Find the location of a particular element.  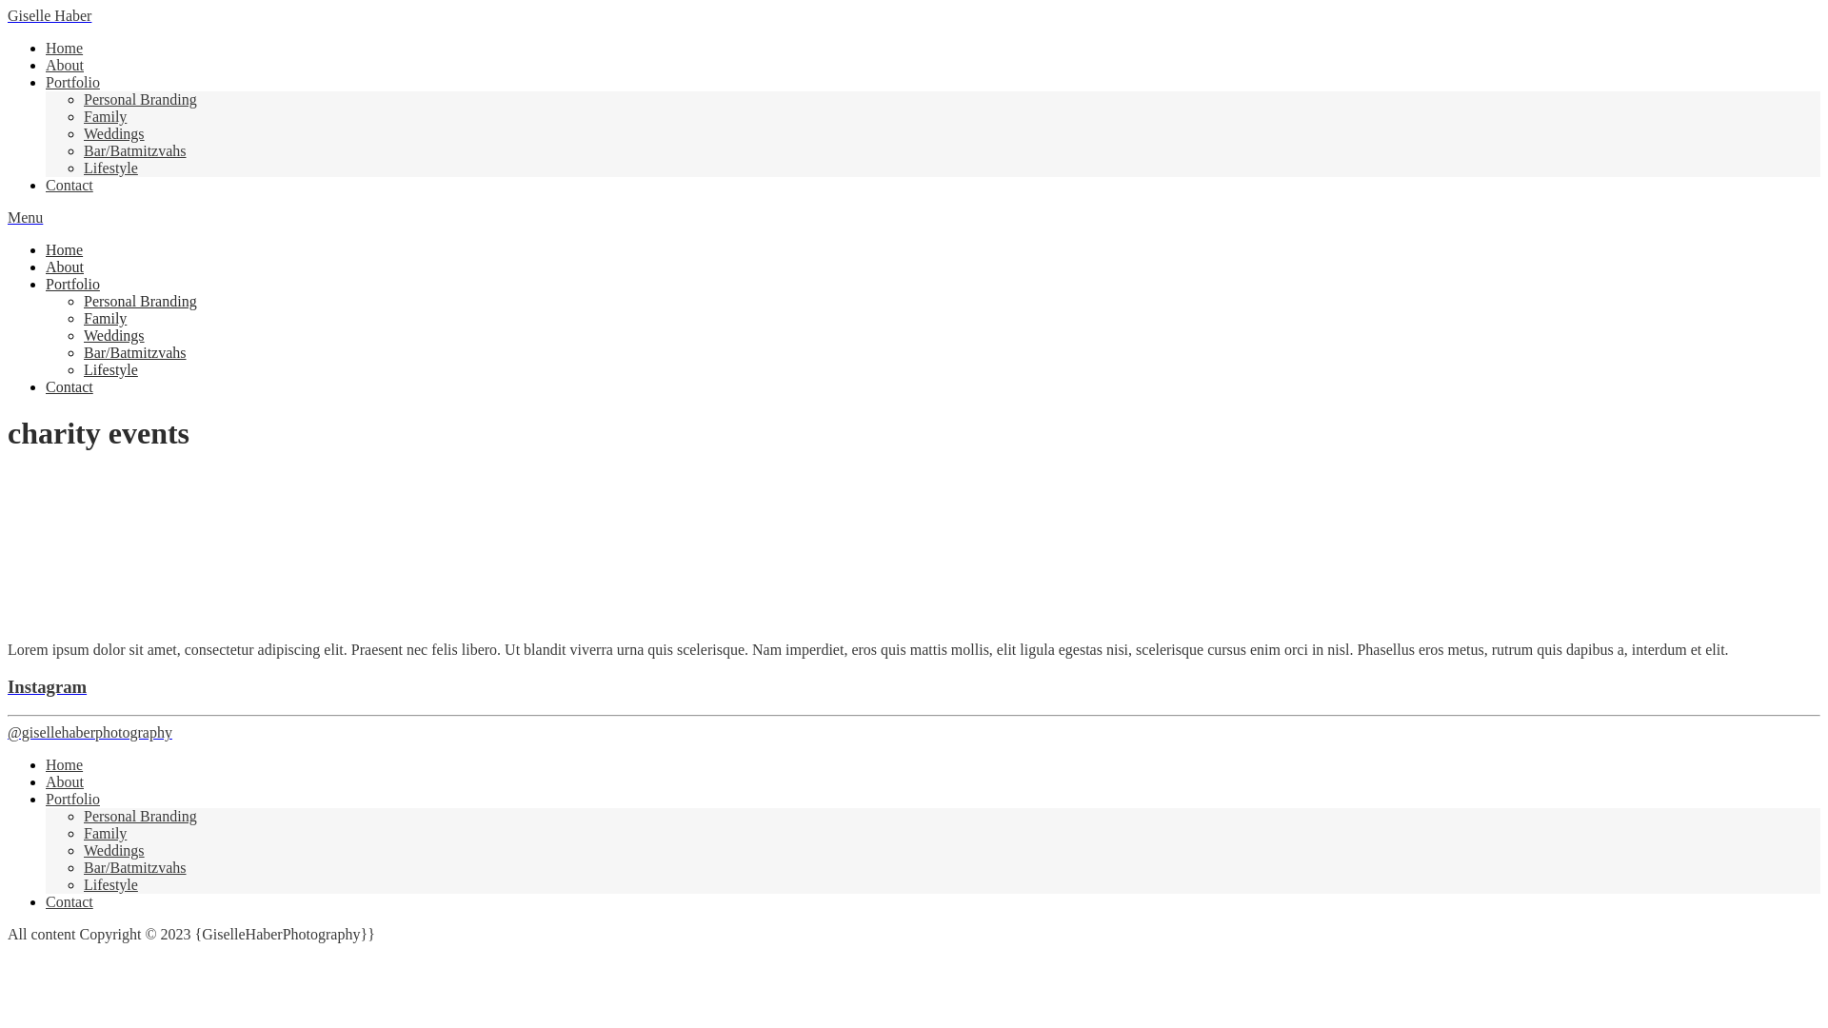

'Personal Branding' is located at coordinates (139, 815).